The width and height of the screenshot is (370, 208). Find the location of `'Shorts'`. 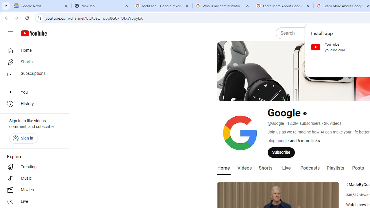

'Shorts' is located at coordinates (265, 168).